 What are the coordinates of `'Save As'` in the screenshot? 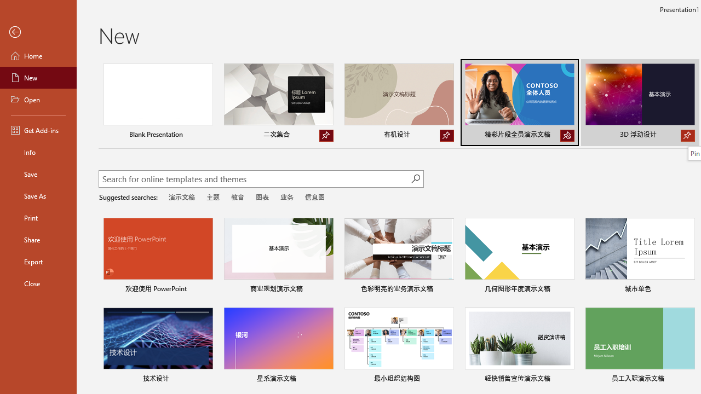 It's located at (38, 195).